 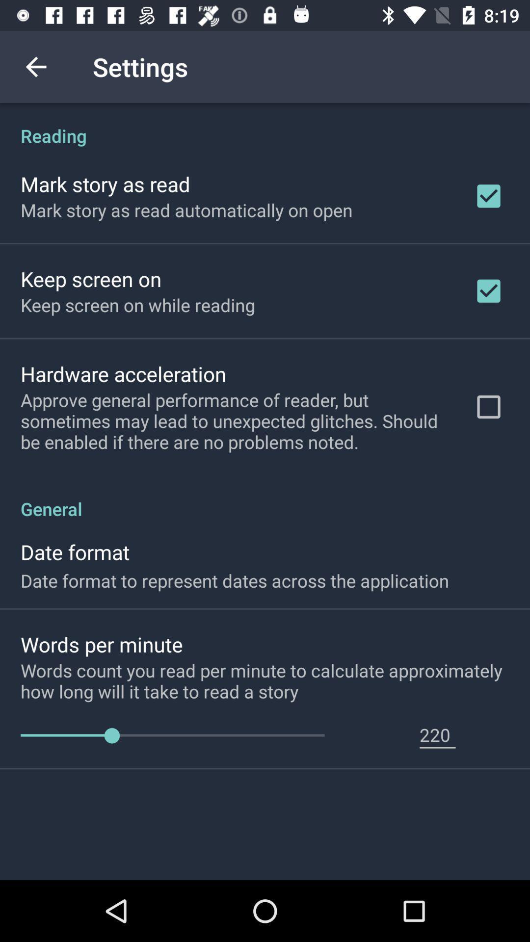 What do you see at coordinates (35, 66) in the screenshot?
I see `the item next to settings` at bounding box center [35, 66].